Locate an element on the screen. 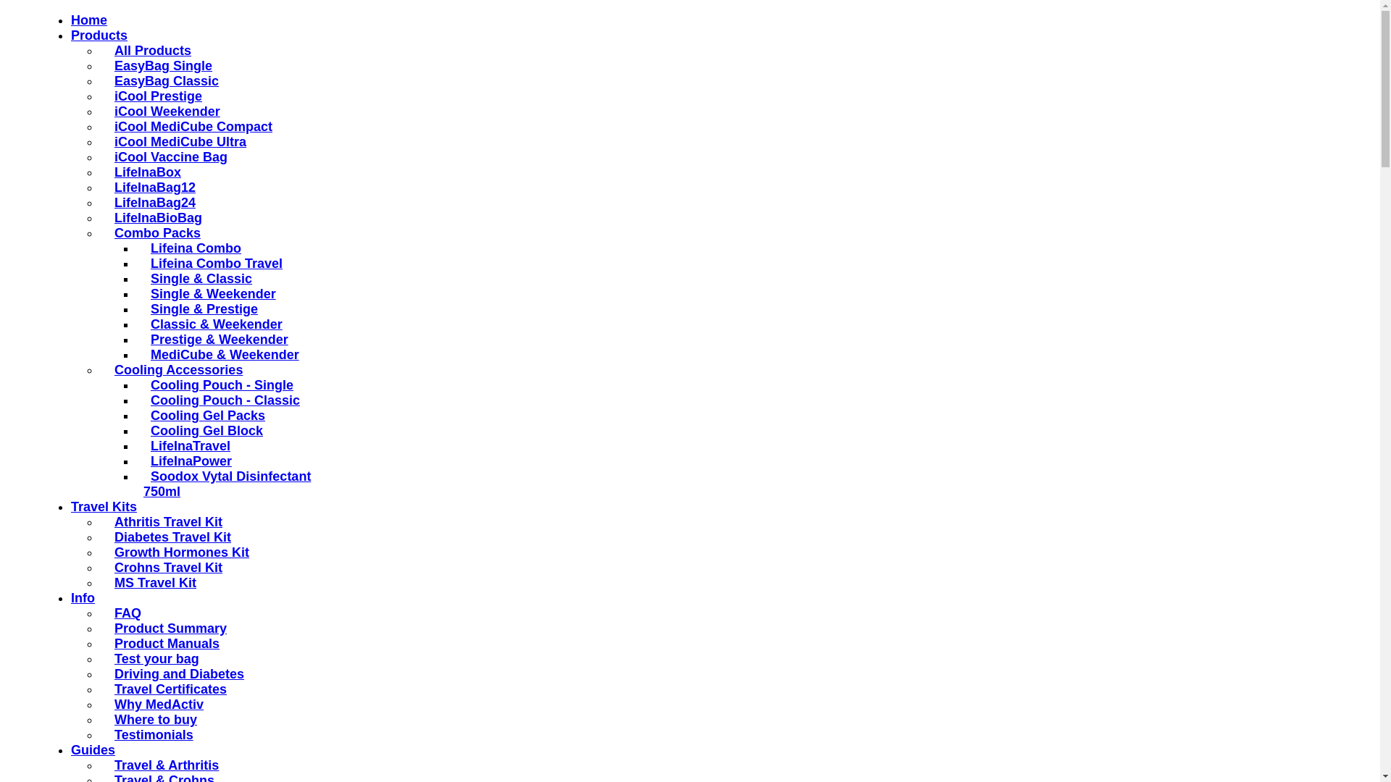 The height and width of the screenshot is (782, 1391). 'EasyBag Single' is located at coordinates (159, 66).